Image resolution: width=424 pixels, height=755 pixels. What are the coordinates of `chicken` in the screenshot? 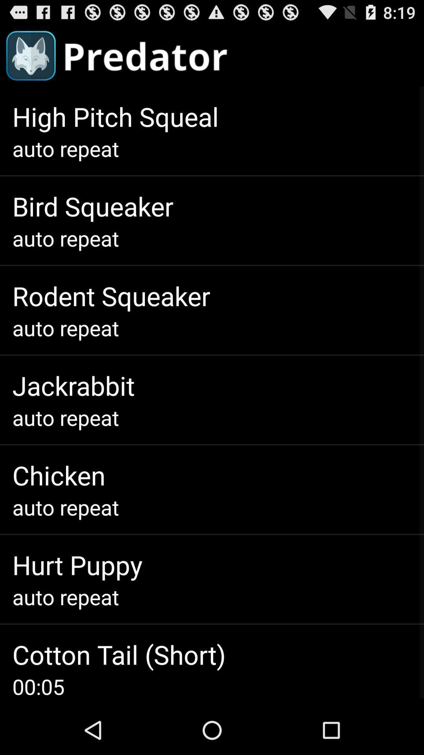 It's located at (58, 475).